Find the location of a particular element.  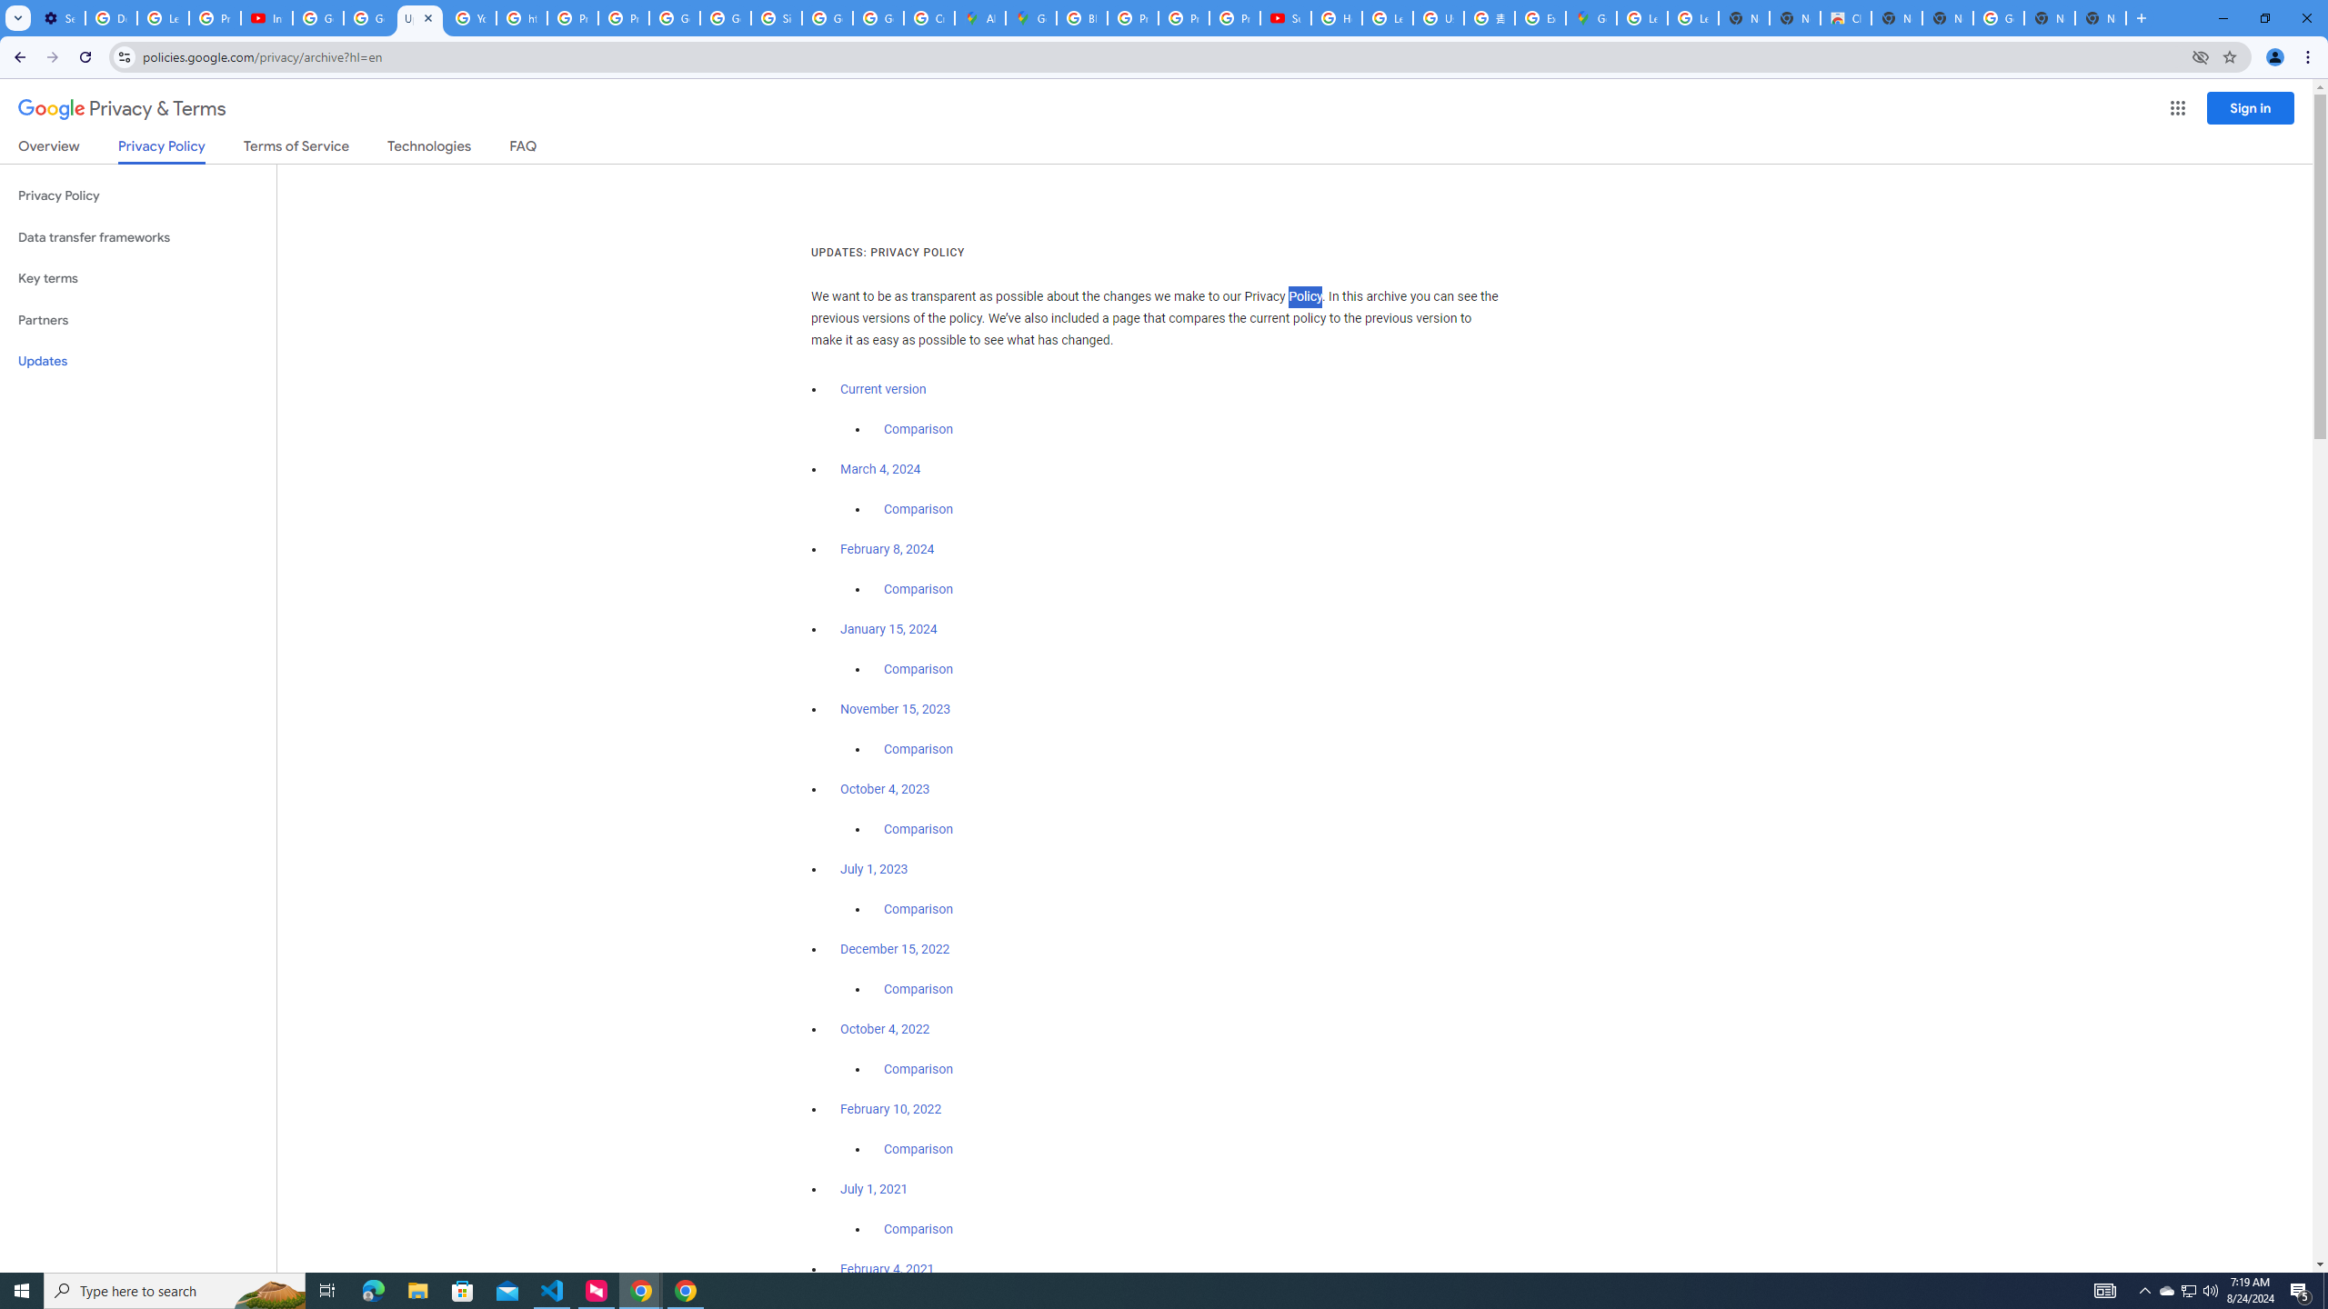

'Chrome Web Store' is located at coordinates (1846, 17).